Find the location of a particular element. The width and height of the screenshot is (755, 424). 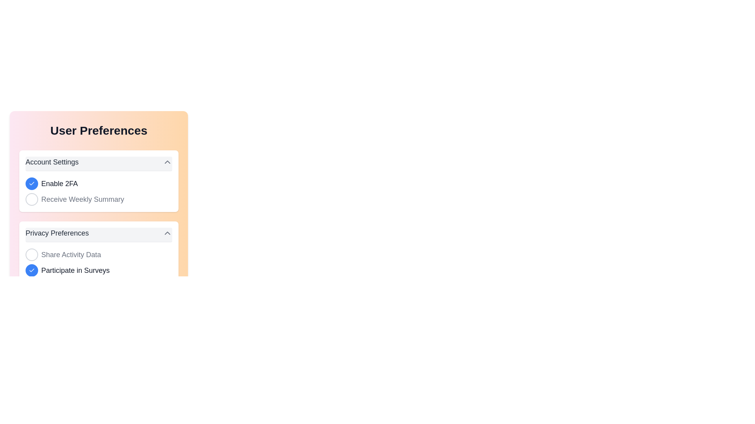

the labeled toggle element for weekly summaries located under 'Account Settings' is located at coordinates (98, 199).